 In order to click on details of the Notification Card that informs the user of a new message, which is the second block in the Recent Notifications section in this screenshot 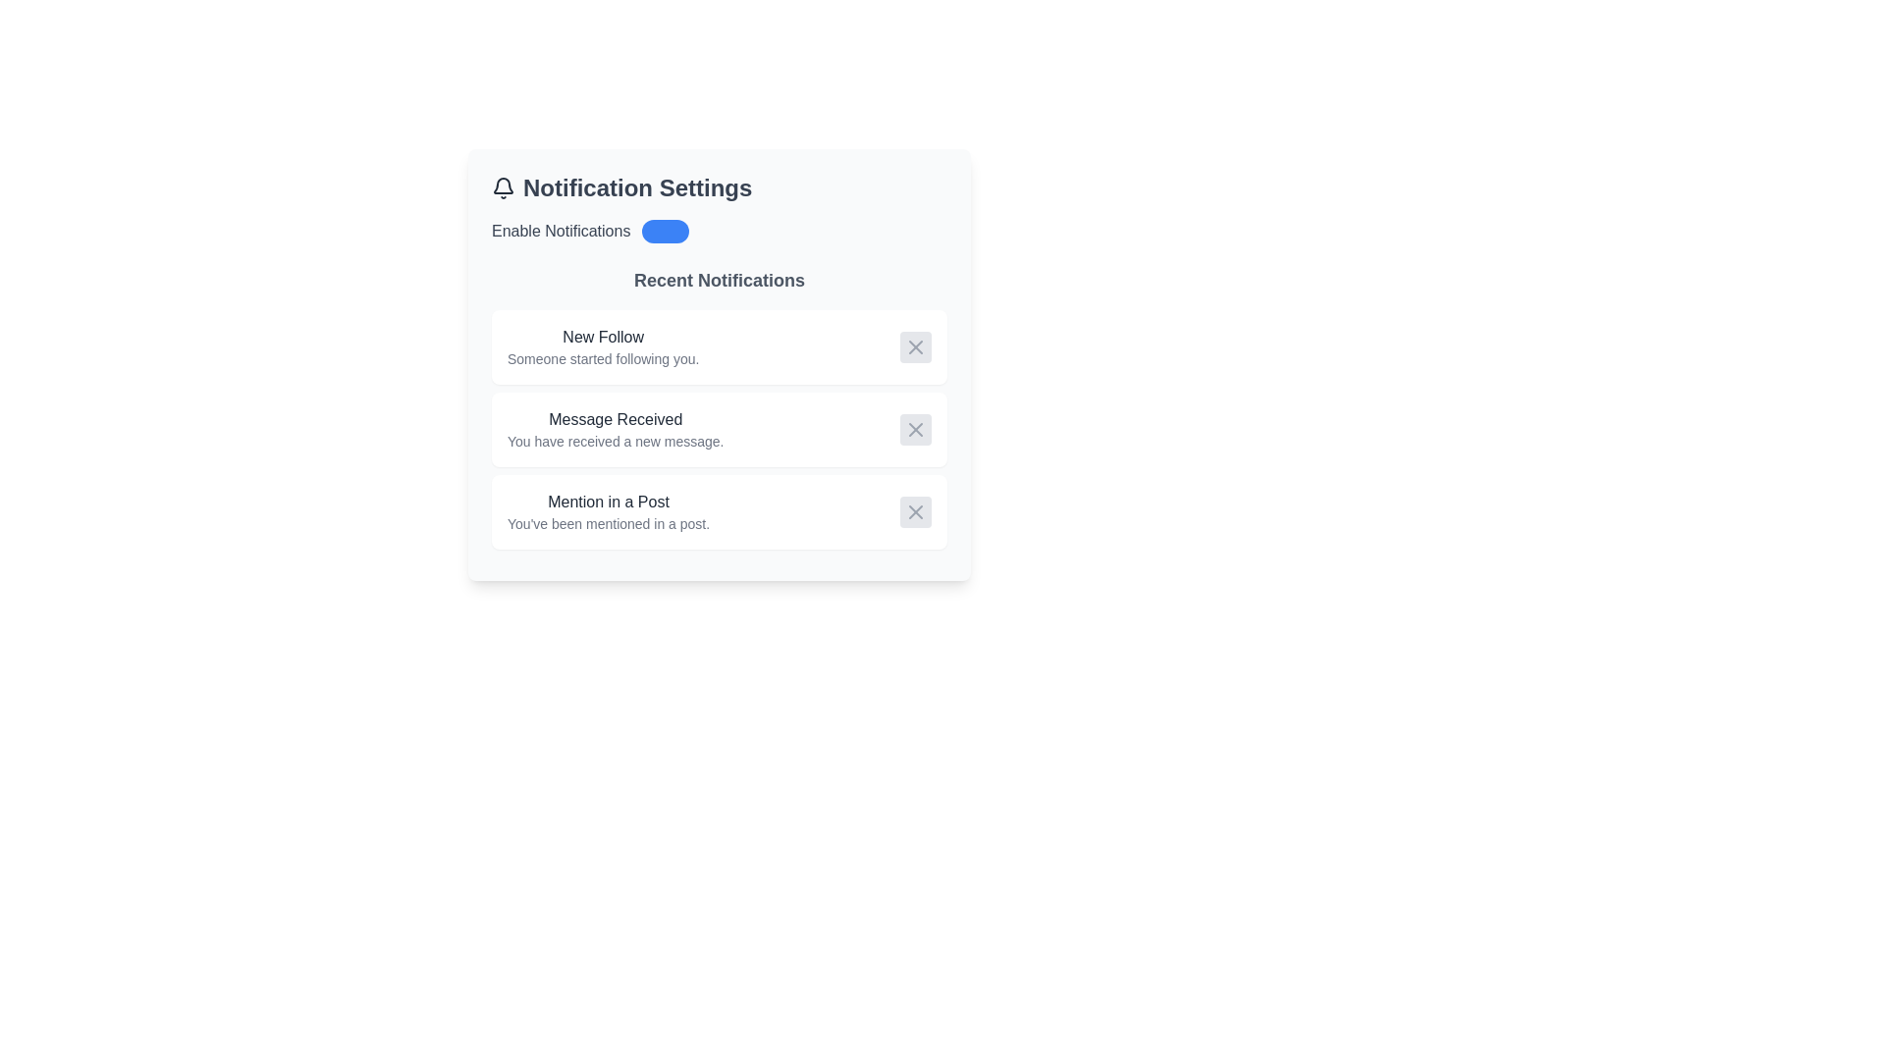, I will do `click(719, 429)`.